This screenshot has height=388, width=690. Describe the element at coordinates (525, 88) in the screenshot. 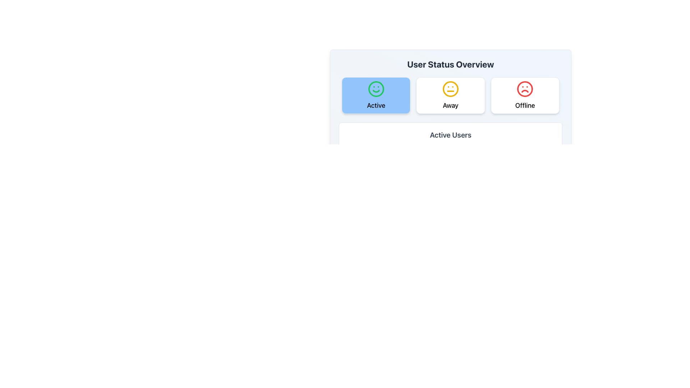

I see `the SVG Circle that serves as the boundary of the 'Offline' status icon, located in the rightmost card of the 'User Status Overview' section` at that location.